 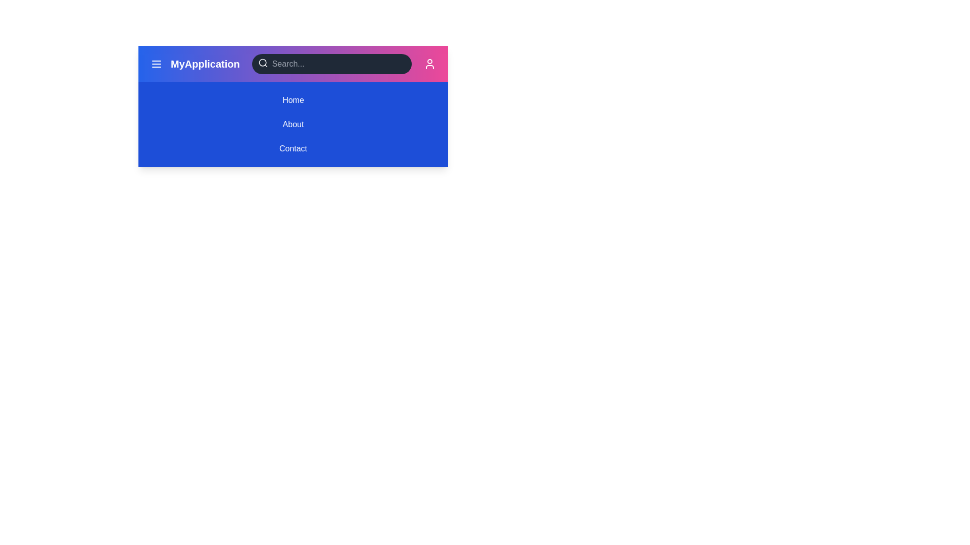 What do you see at coordinates (293, 100) in the screenshot?
I see `the menu item Home to navigate to the corresponding section` at bounding box center [293, 100].